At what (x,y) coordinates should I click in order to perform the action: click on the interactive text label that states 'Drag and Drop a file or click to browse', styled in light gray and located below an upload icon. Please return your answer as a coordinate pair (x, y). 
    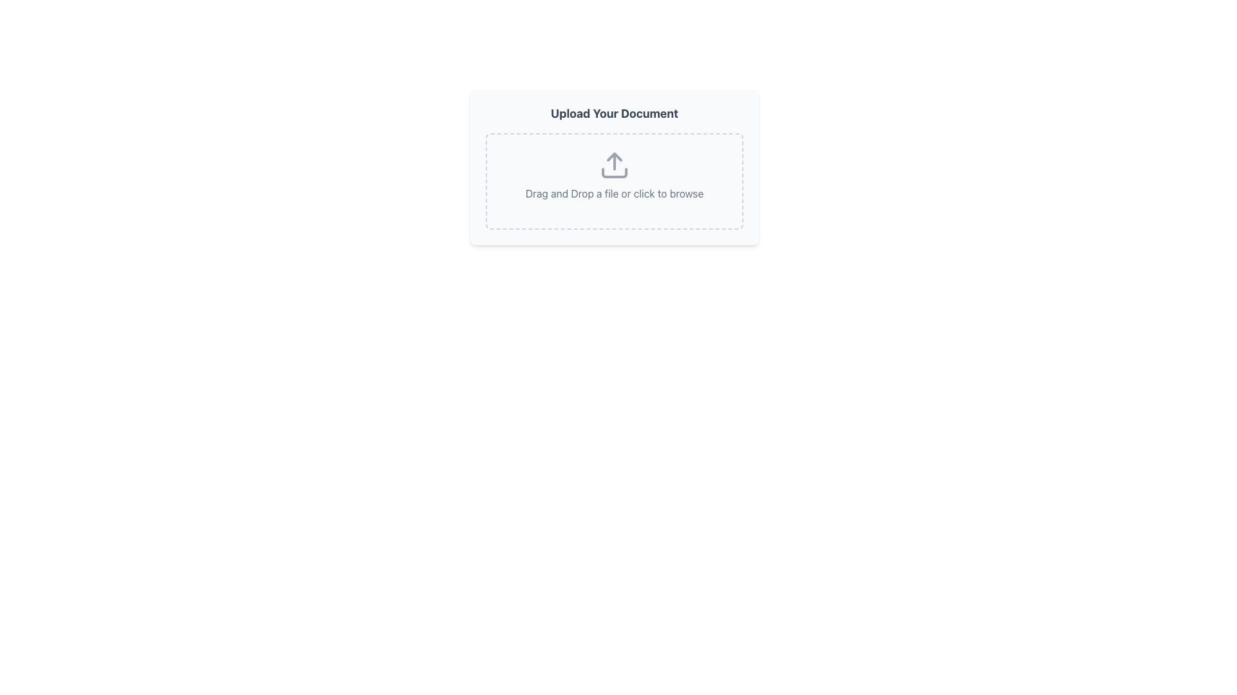
    Looking at the image, I should click on (614, 193).